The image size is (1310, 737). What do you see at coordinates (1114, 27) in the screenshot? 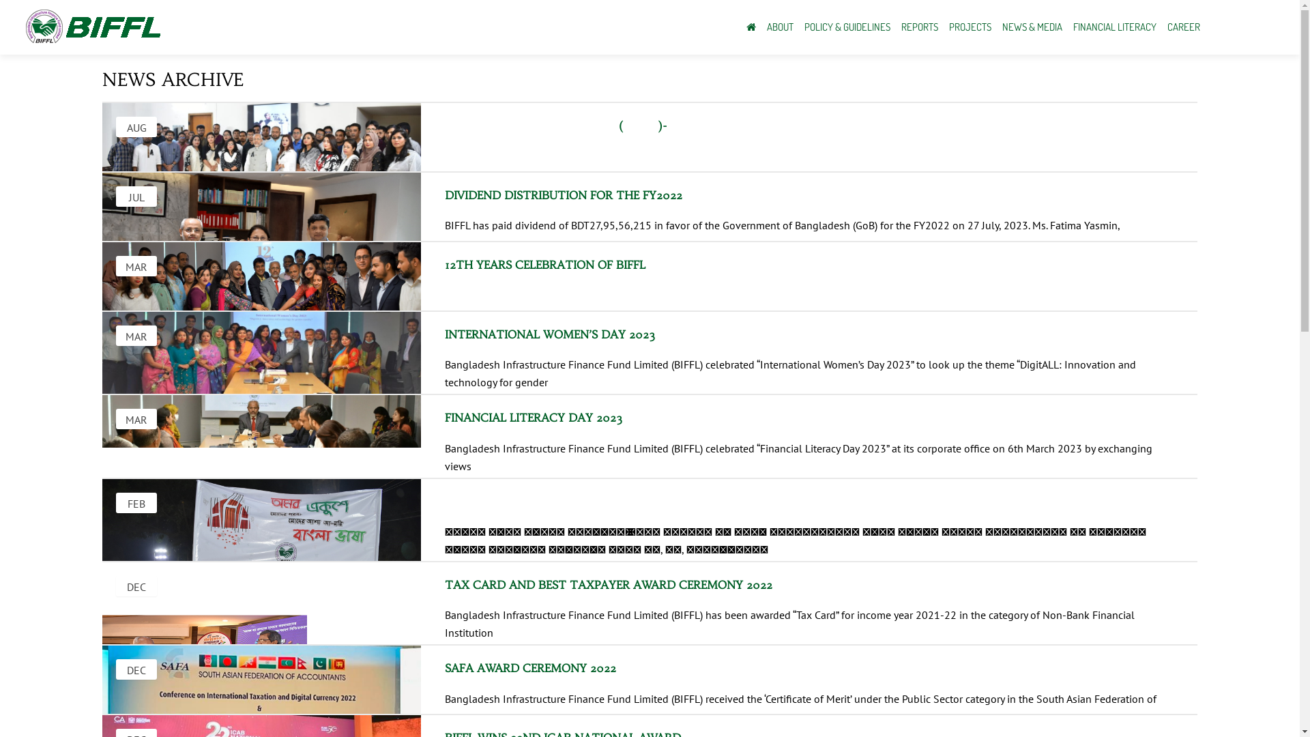
I see `'FINANCIAL LITERACY'` at bounding box center [1114, 27].